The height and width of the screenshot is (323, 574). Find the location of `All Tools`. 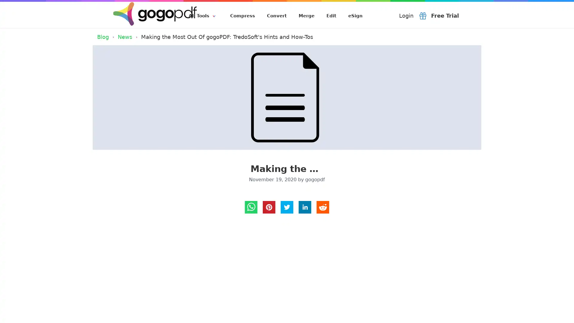

All Tools is located at coordinates (202, 15).